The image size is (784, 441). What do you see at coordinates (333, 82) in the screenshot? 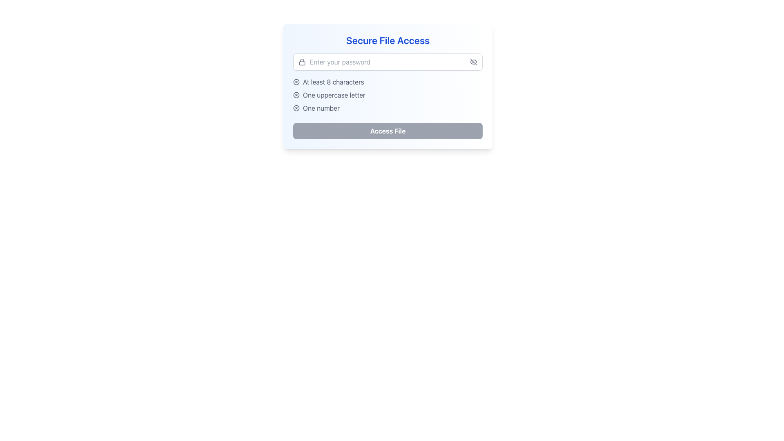
I see `the text displaying 'At least 8 characters.' which is located in the password requirements section next to a status icon` at bounding box center [333, 82].